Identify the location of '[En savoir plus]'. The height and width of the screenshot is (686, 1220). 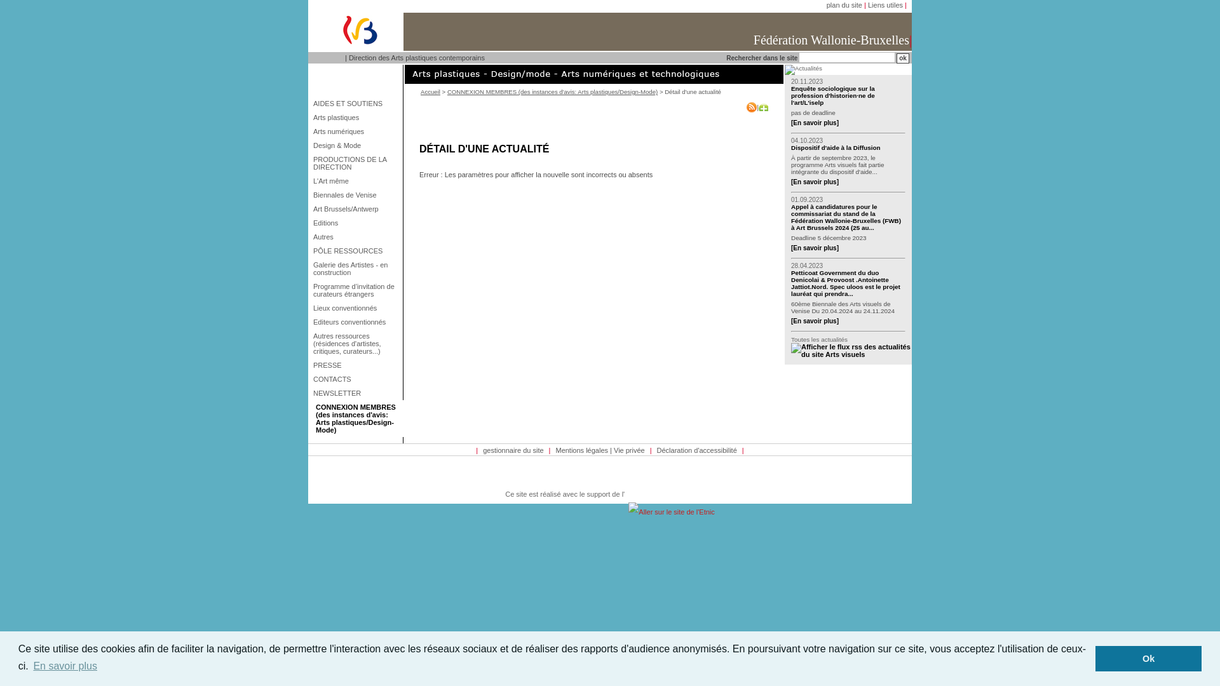
(815, 123).